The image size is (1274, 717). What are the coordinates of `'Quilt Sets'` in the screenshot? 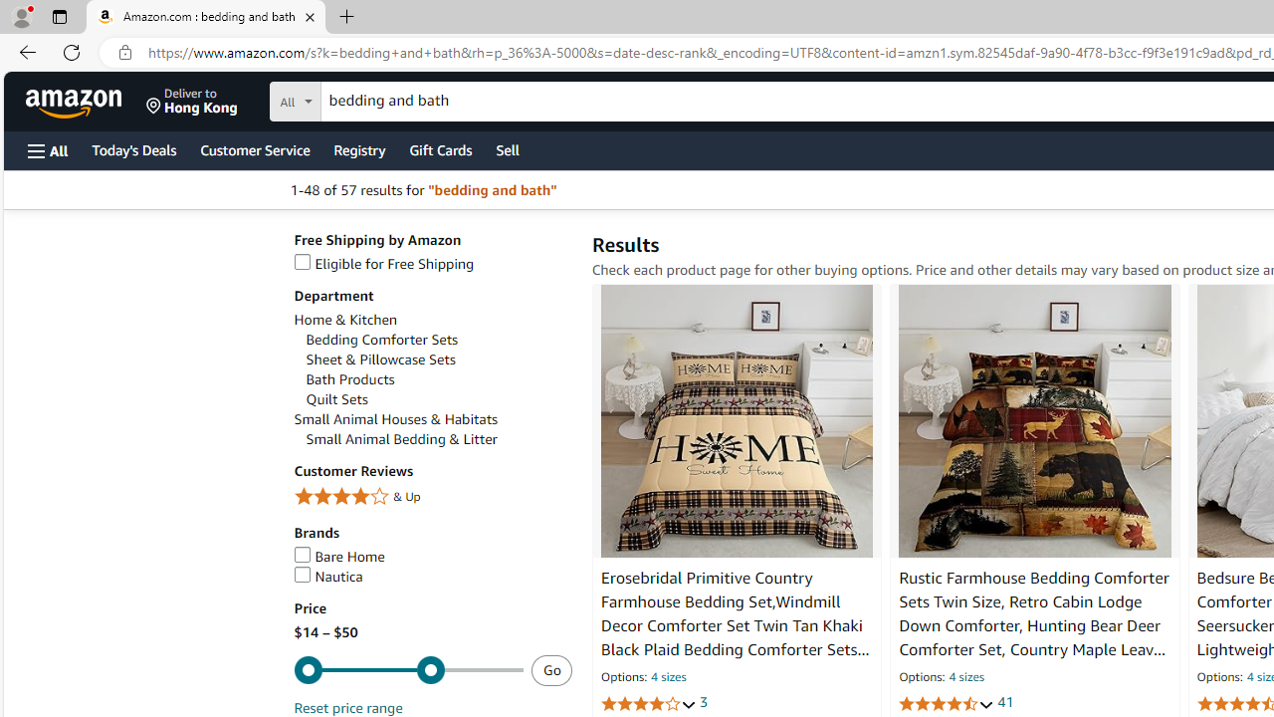 It's located at (437, 399).